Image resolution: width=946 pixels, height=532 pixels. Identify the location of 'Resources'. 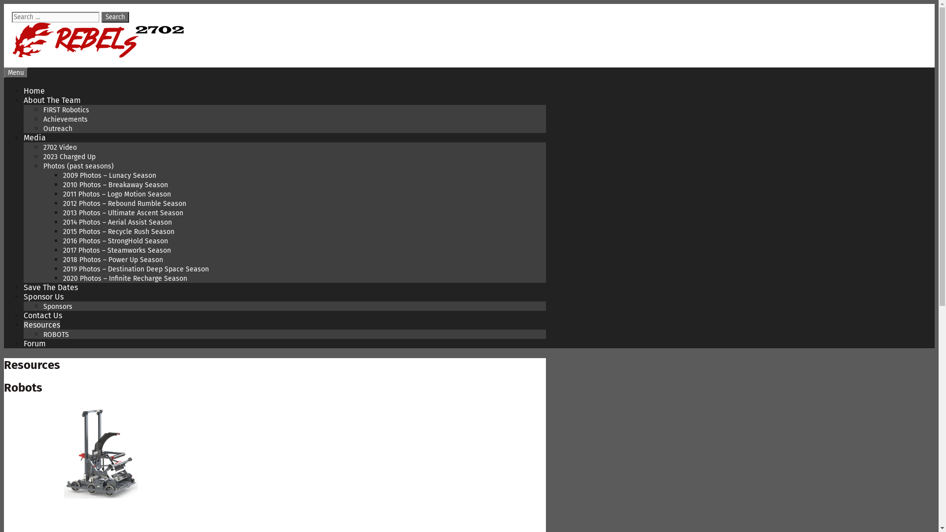
(41, 325).